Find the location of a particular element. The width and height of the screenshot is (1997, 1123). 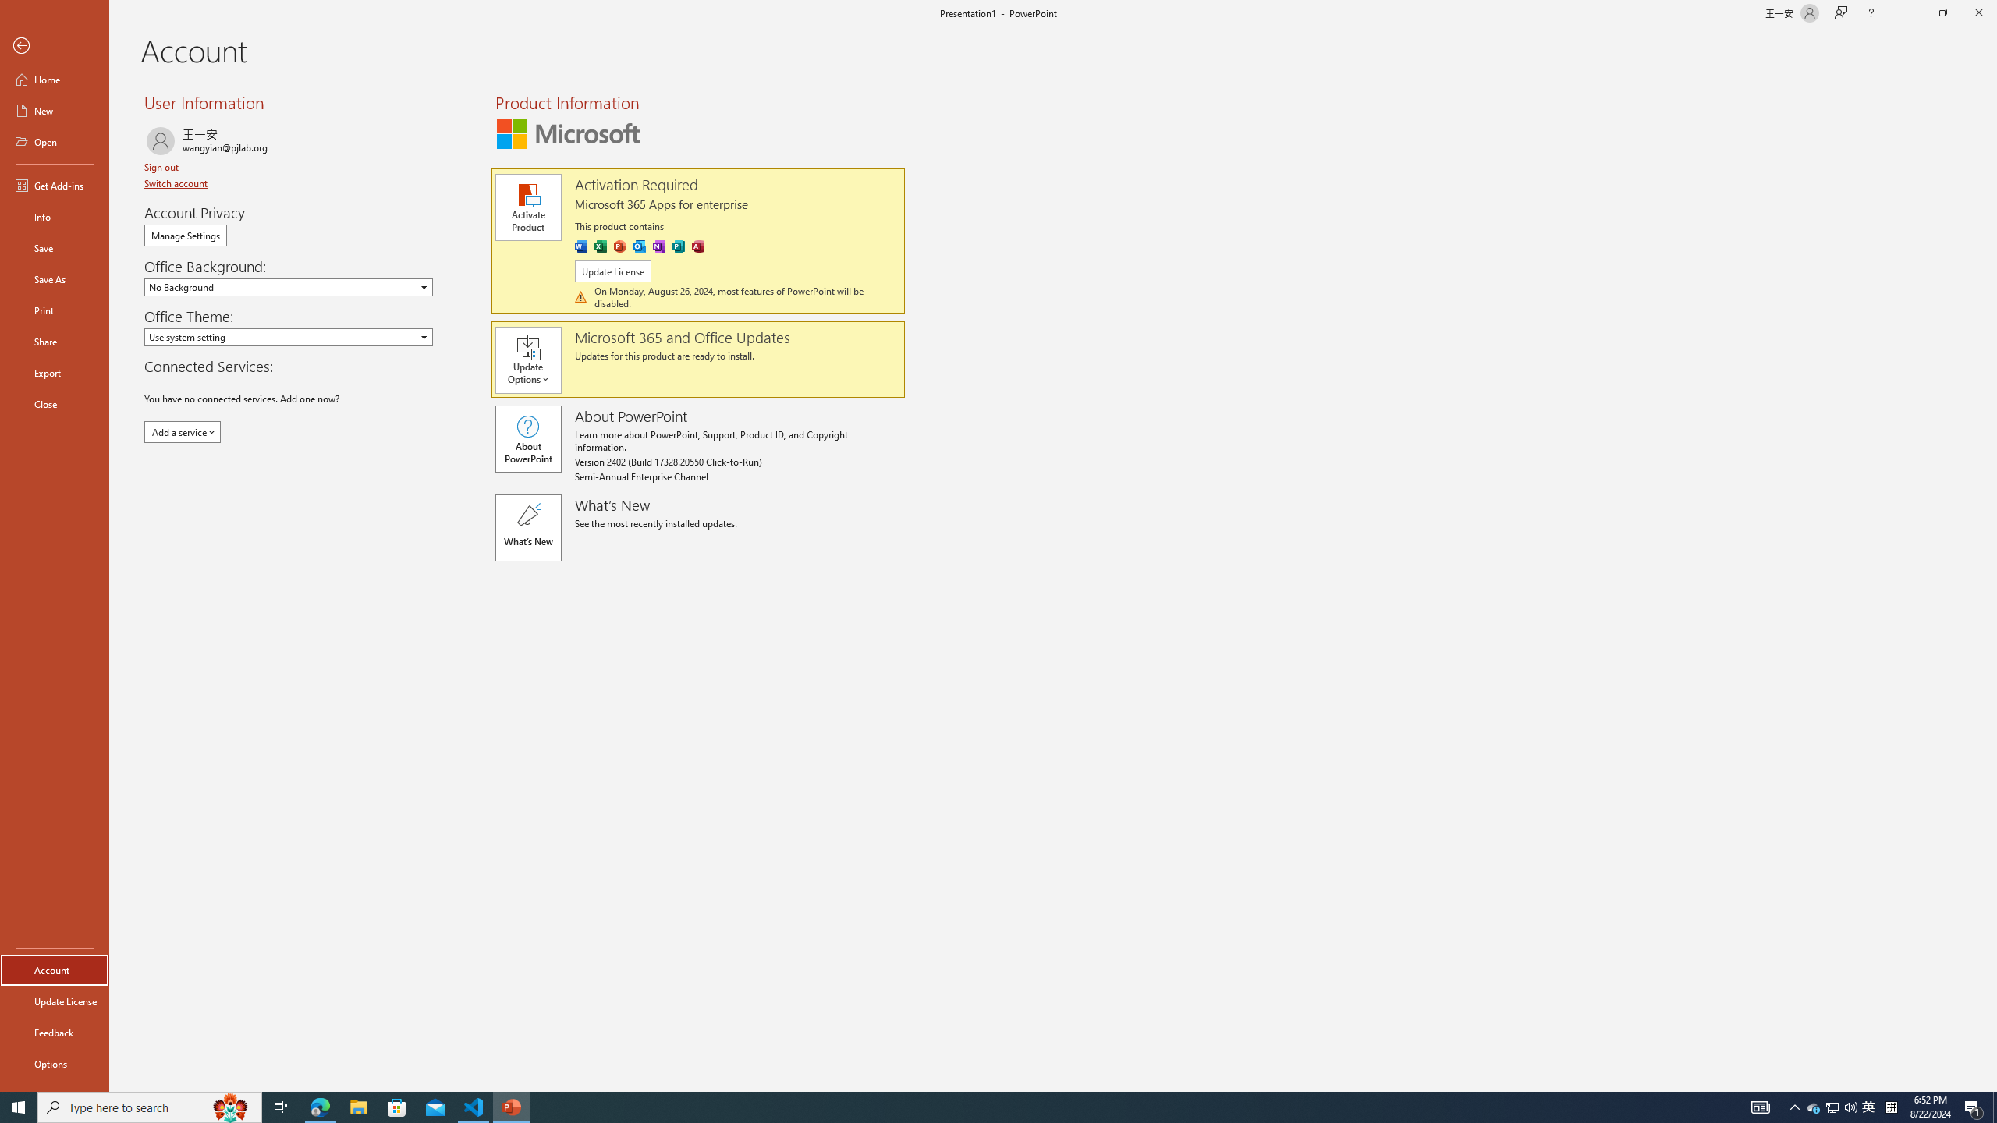

'Word' is located at coordinates (580, 246).